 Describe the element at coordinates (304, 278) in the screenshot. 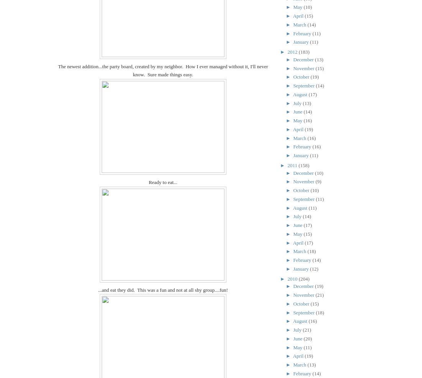

I see `'(204)'` at that location.